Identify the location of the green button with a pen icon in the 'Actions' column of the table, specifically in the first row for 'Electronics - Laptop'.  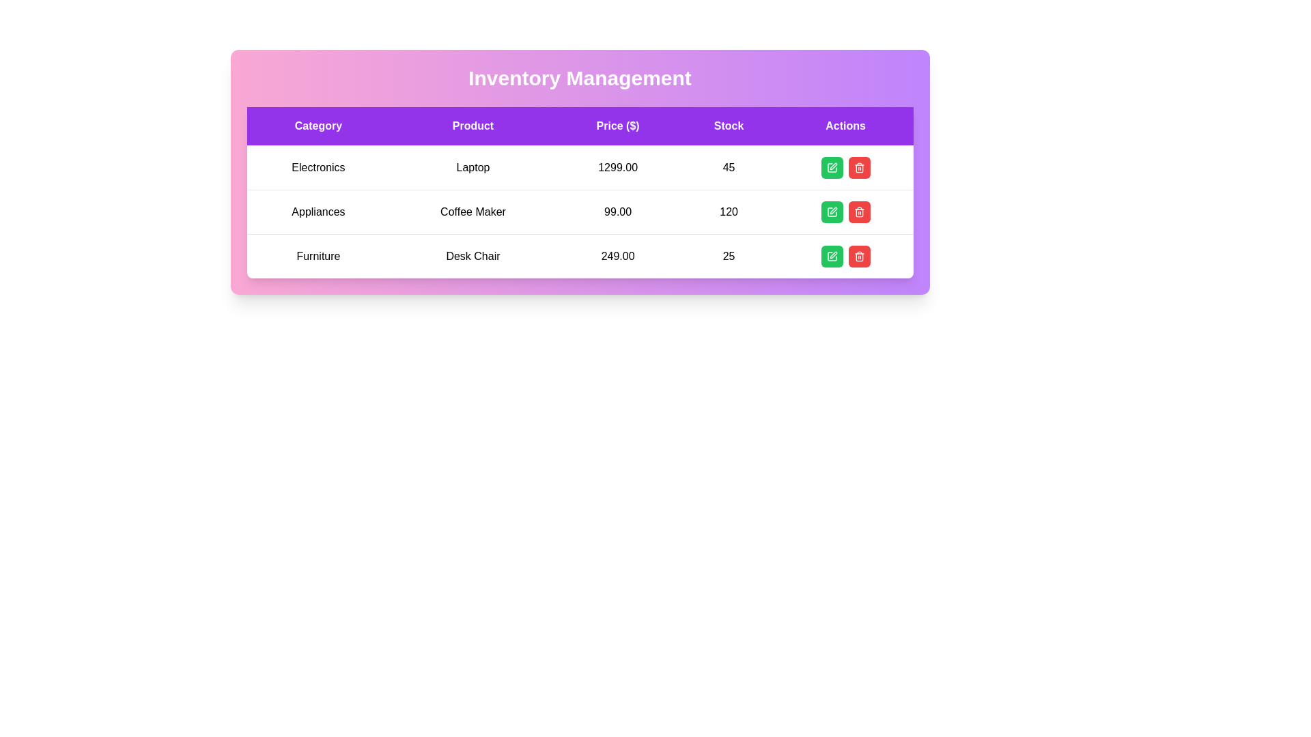
(831, 167).